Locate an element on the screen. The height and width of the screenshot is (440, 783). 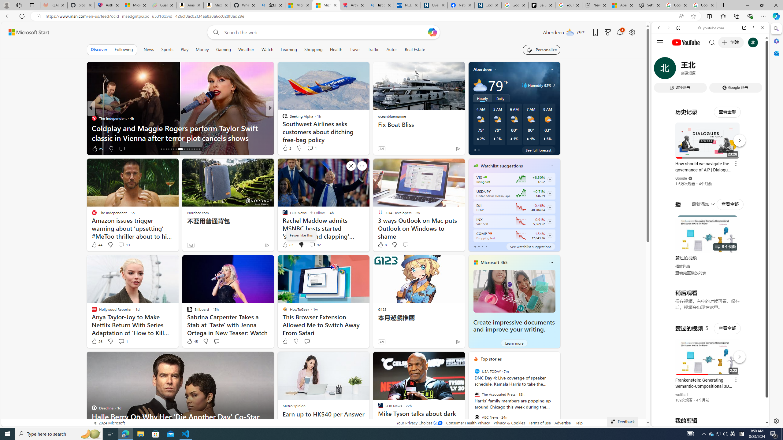
'Ad Choice' is located at coordinates (458, 342).